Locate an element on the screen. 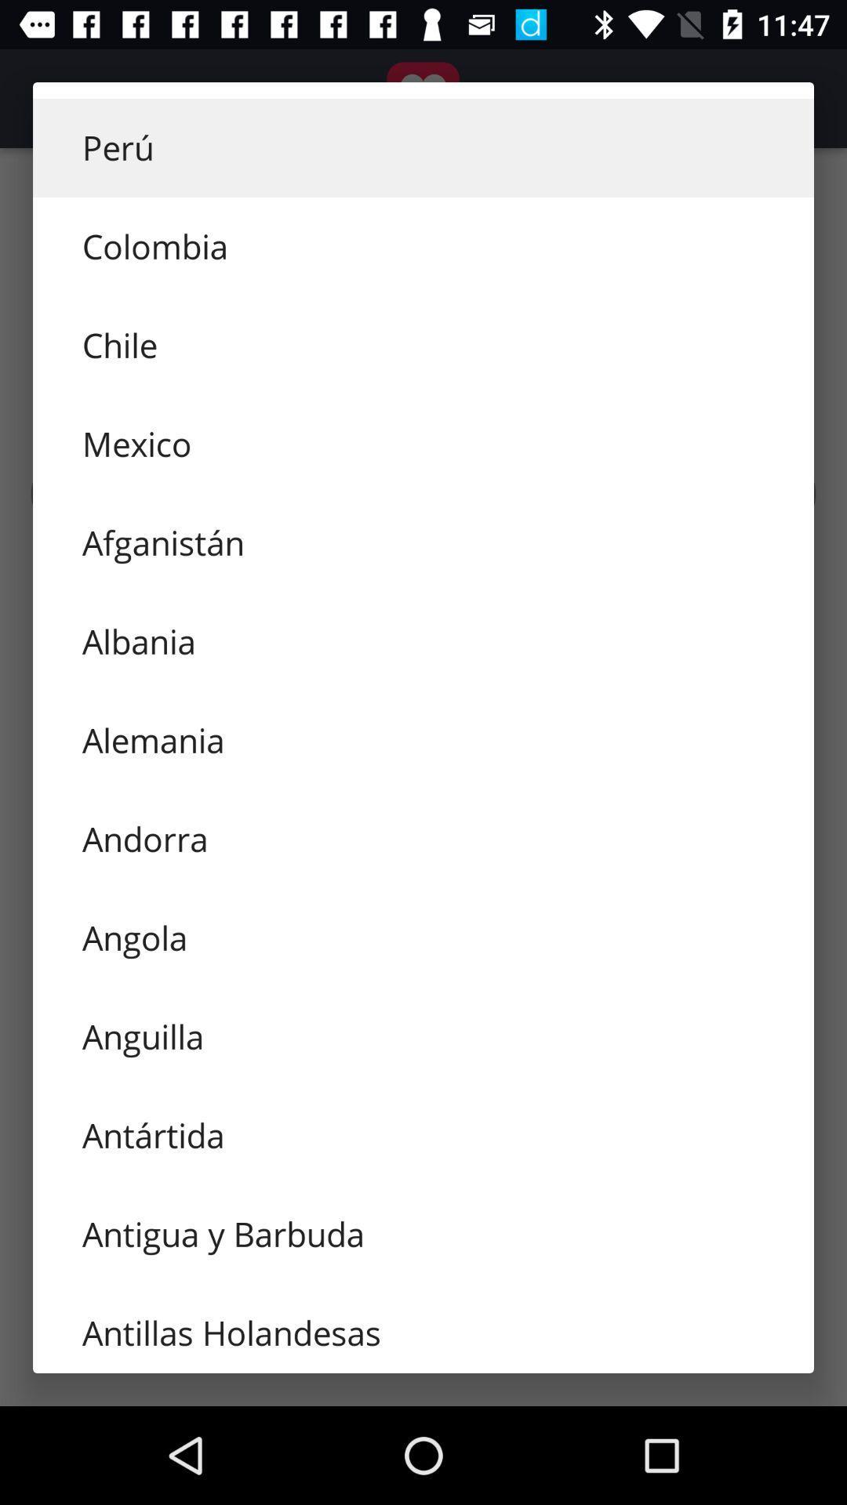  the icon below chile item is located at coordinates (423, 443).